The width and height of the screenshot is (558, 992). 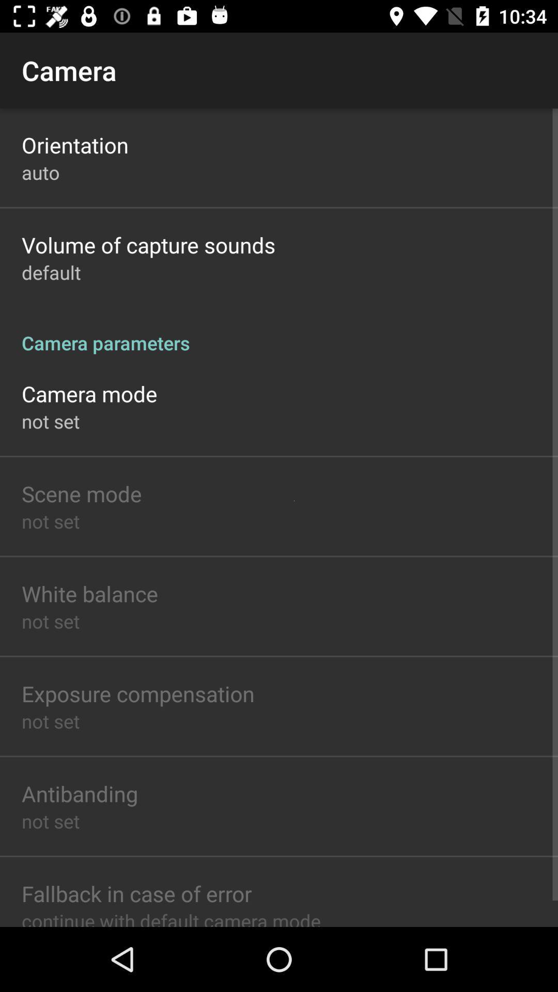 What do you see at coordinates (89, 593) in the screenshot?
I see `the item above not set item` at bounding box center [89, 593].